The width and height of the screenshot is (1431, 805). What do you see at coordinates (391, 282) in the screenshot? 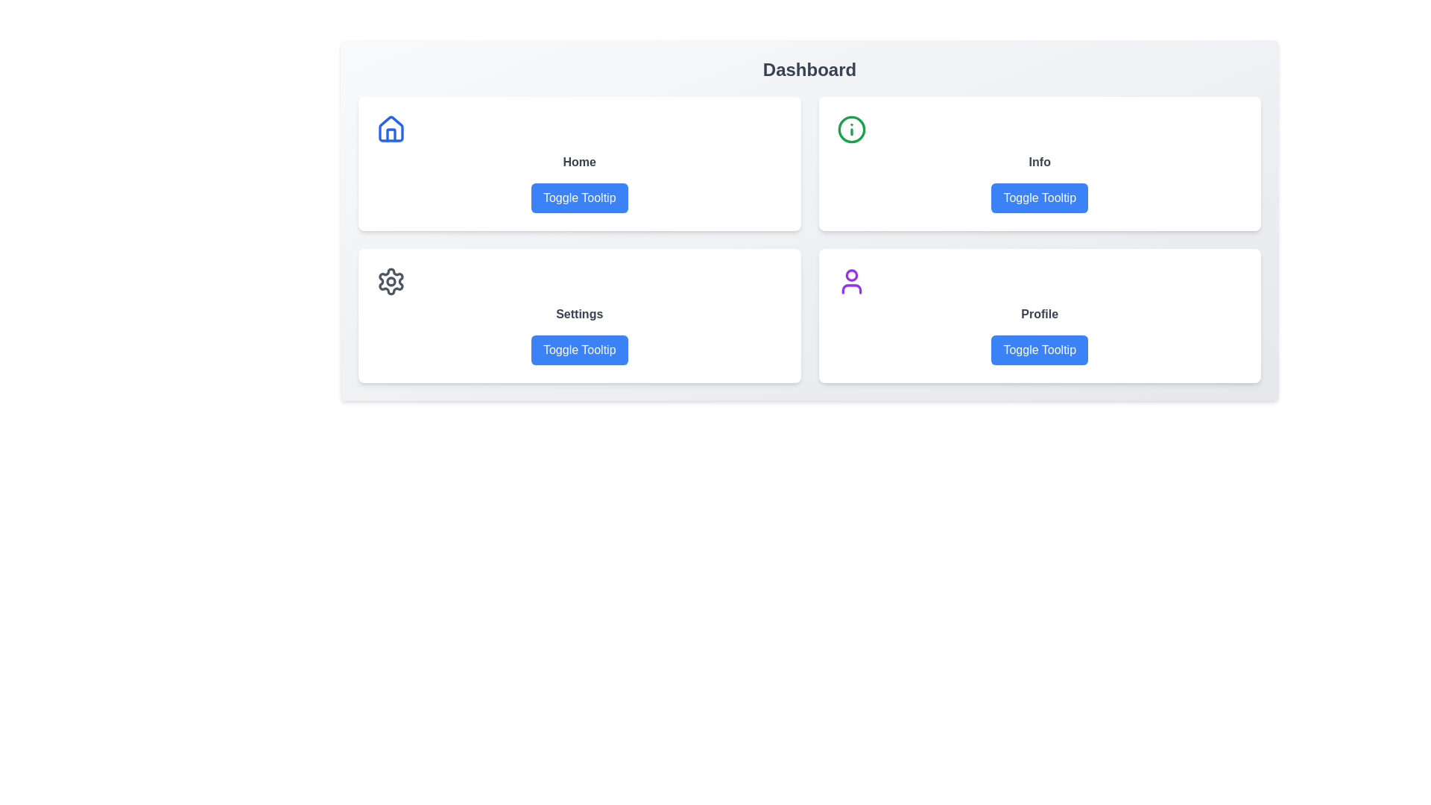
I see `the central circular part of the gear-shaped icon located within the 'Settings' card in the lower left quadrant of the interface` at bounding box center [391, 282].